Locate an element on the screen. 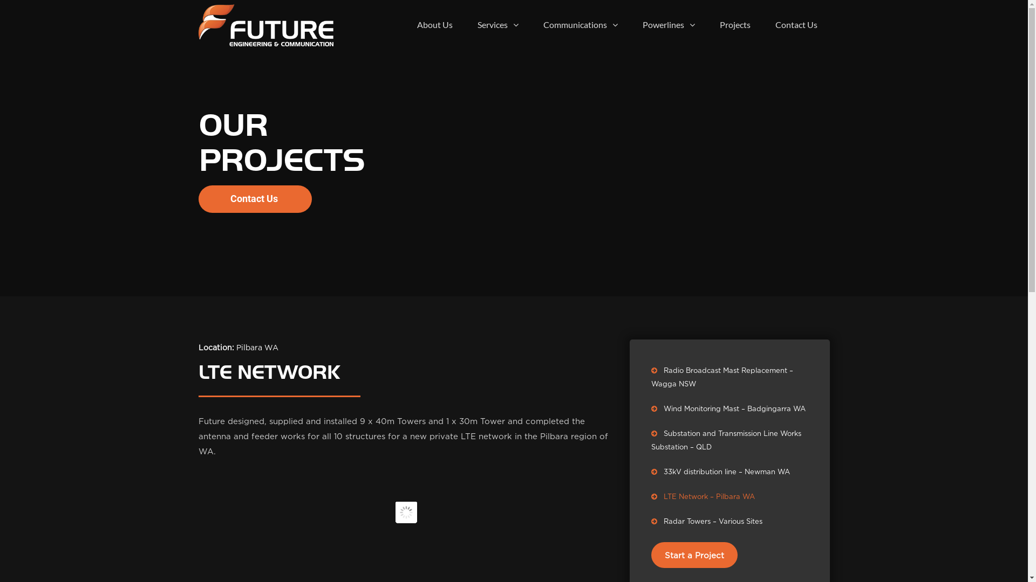 The height and width of the screenshot is (582, 1036). 'Future Engineering & Communication' is located at coordinates (266, 24).